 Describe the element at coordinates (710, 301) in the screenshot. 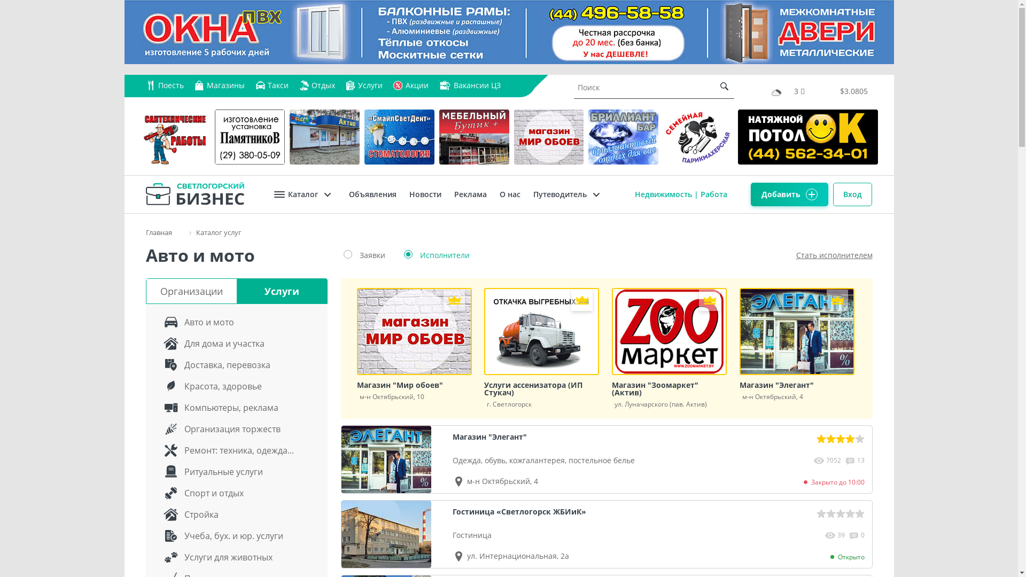

I see `'VIP'` at that location.